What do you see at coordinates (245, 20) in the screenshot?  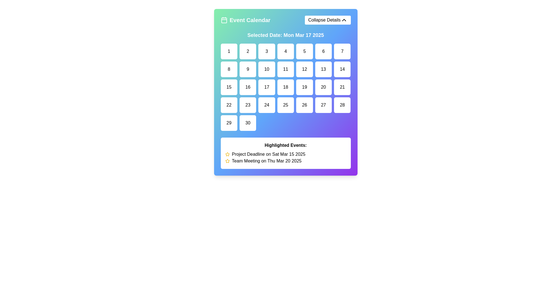 I see `the 'Event Calendar' text label with icon, which features bold text and a calendar icon on its left, located in the top-left section of the card layout` at bounding box center [245, 20].